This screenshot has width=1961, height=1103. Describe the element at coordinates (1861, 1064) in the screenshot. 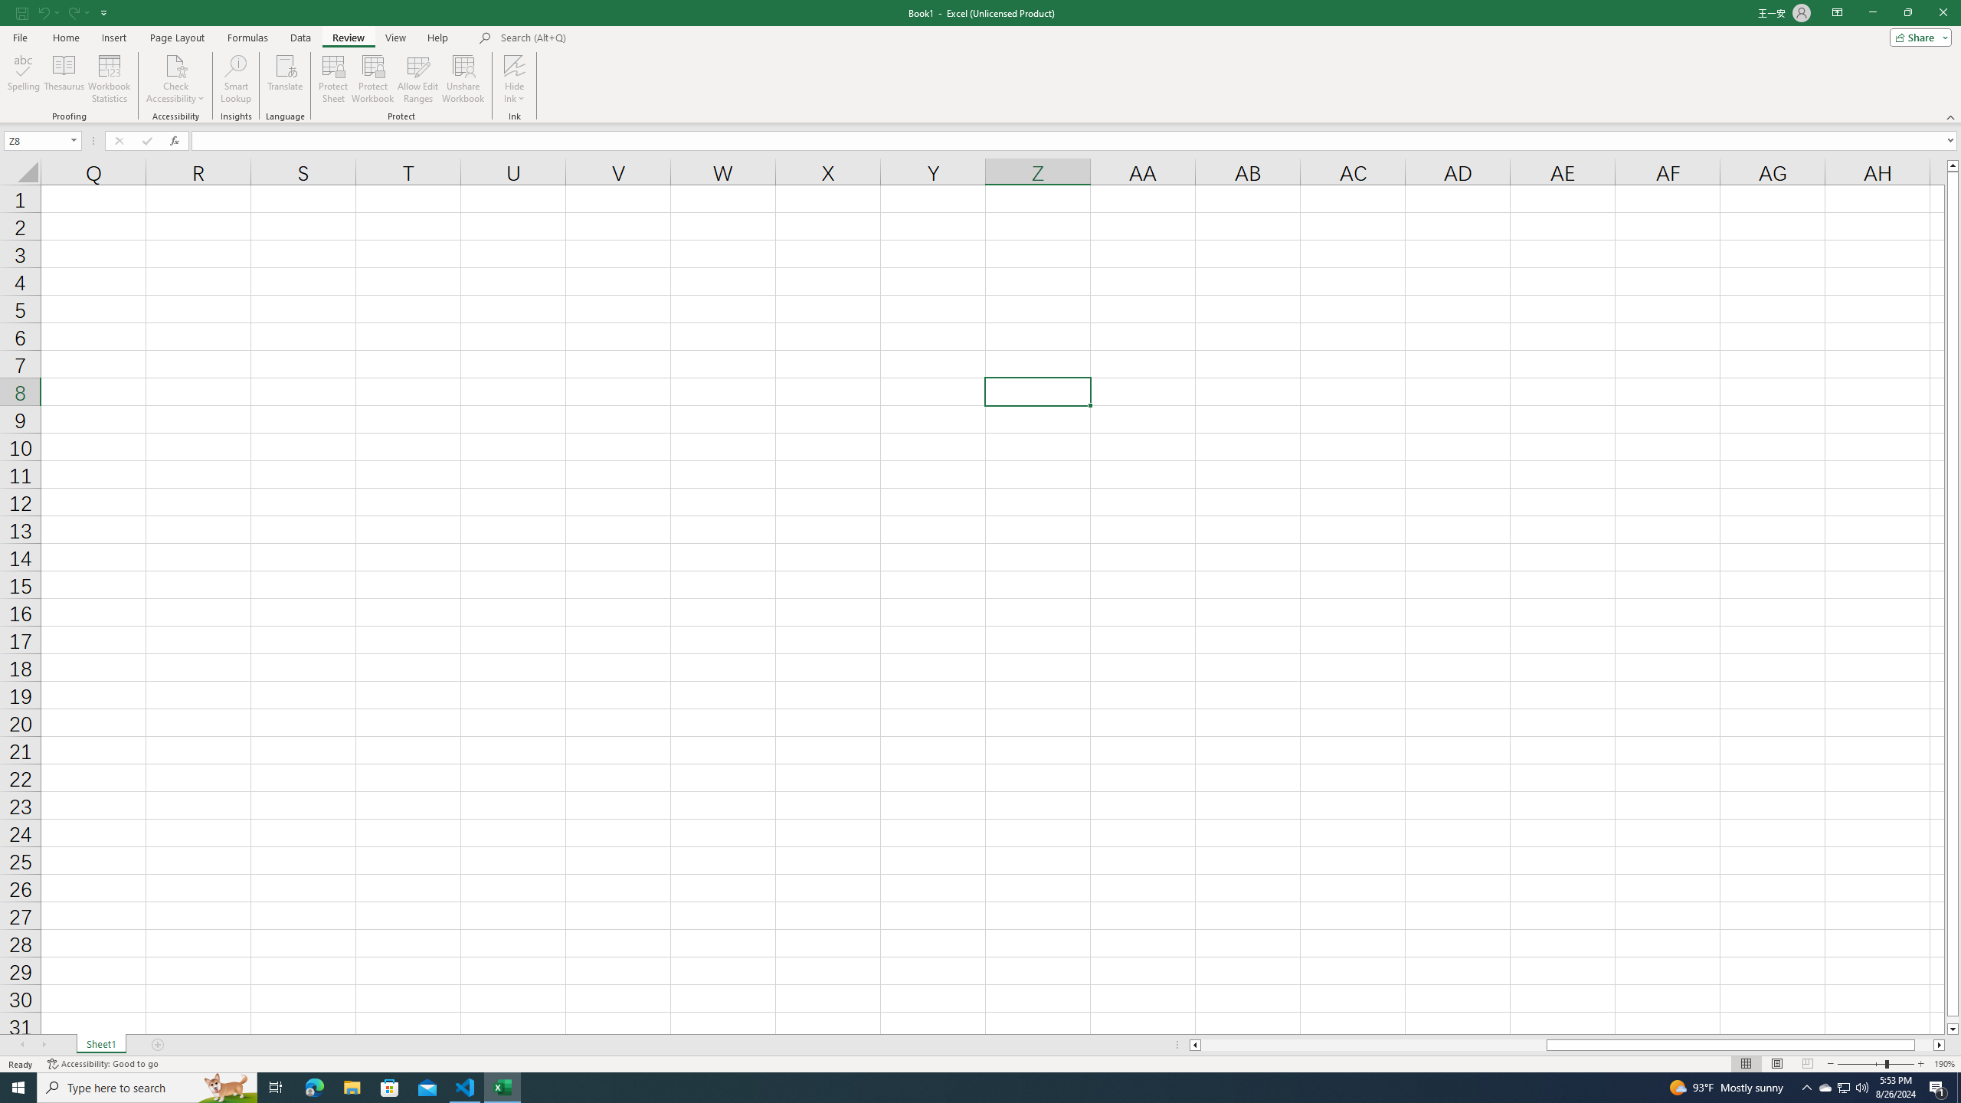

I see `'Zoom Out'` at that location.